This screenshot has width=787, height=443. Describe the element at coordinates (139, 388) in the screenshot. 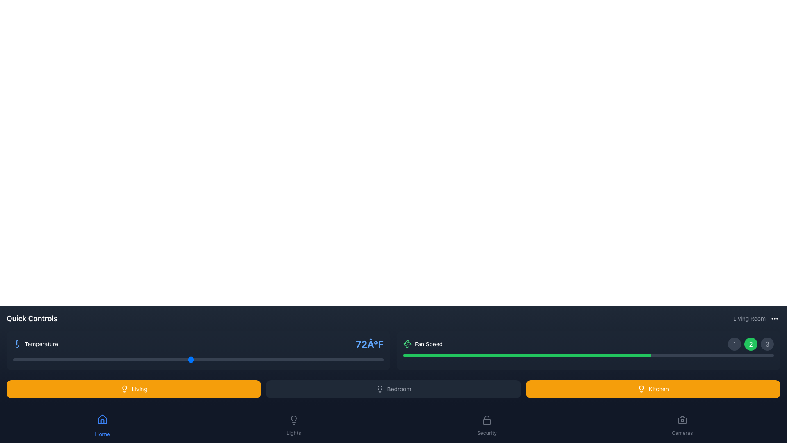

I see `the orange rectangular button featuring a light bulb icon` at that location.